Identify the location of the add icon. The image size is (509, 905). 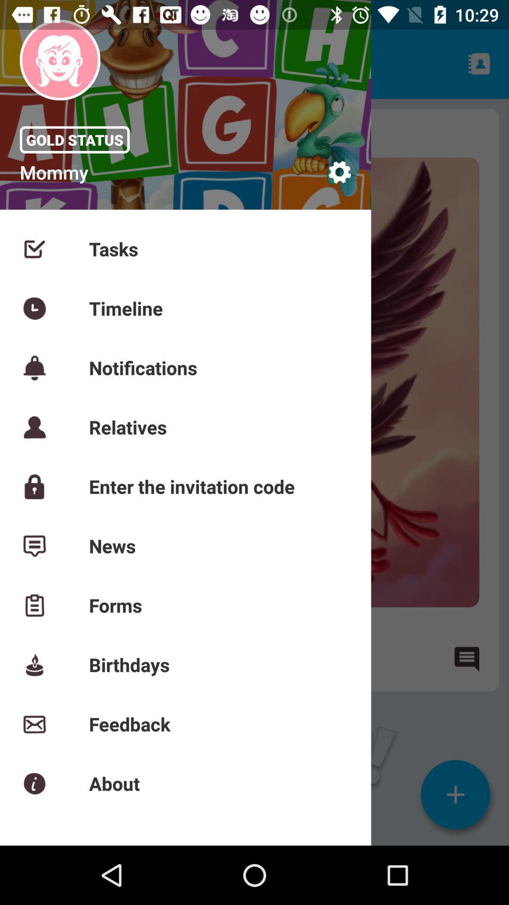
(455, 794).